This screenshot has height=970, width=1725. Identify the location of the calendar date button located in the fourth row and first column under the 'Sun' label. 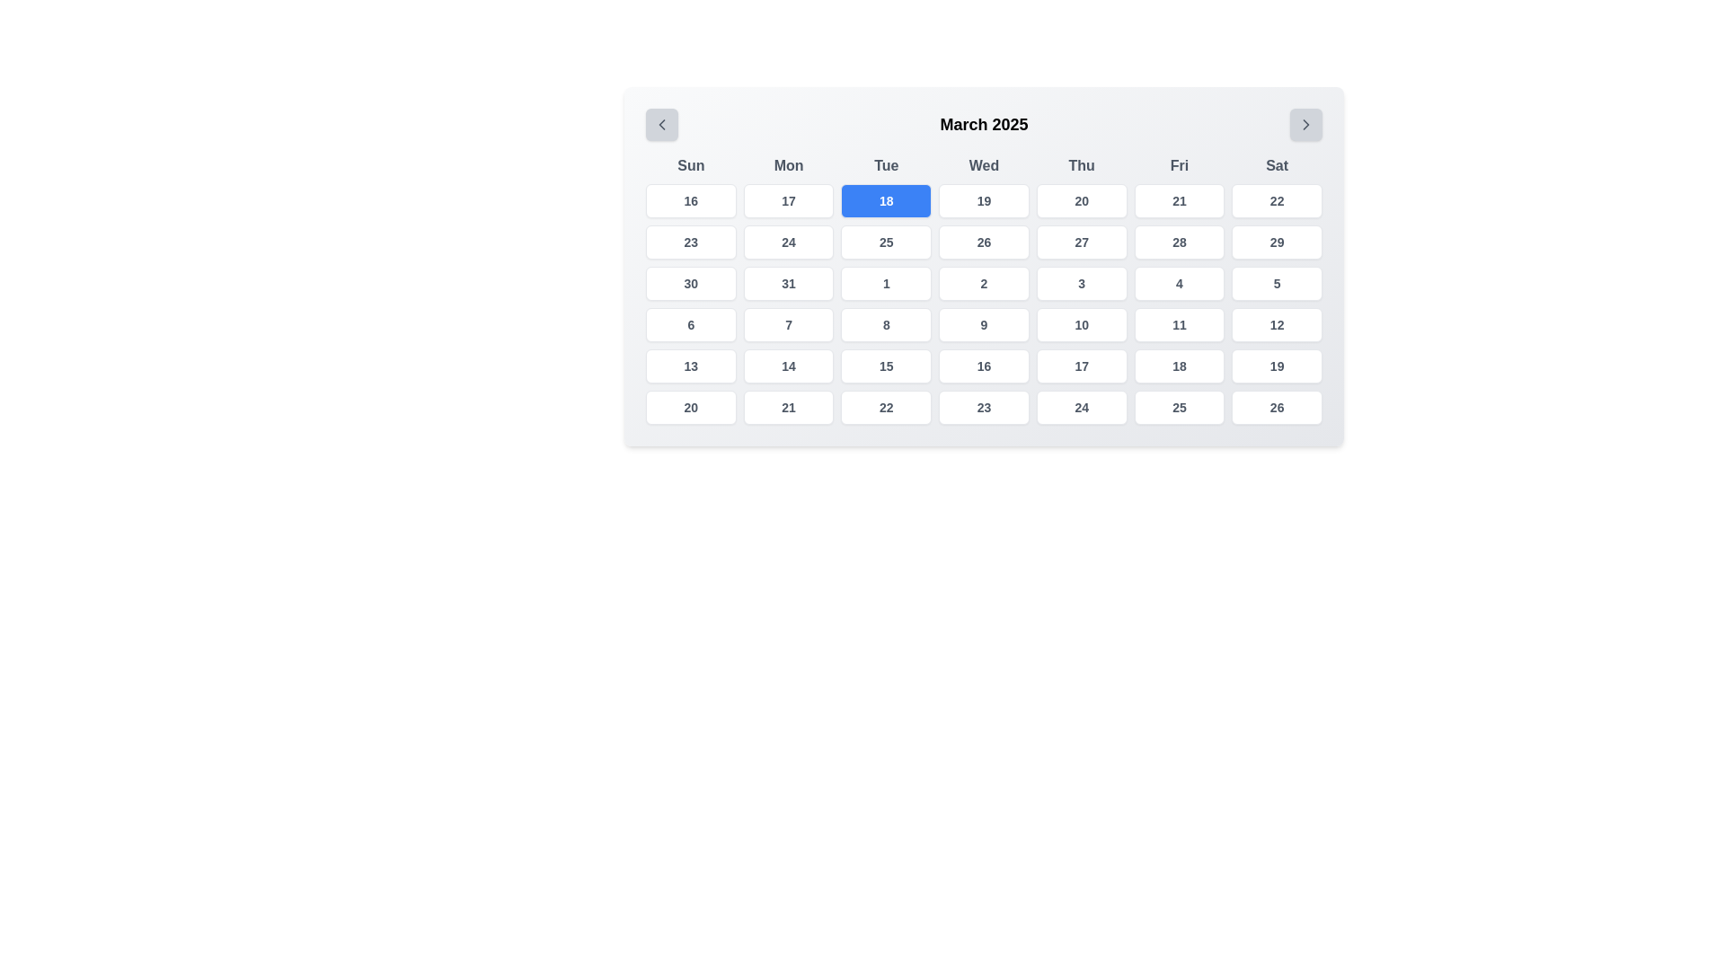
(690, 283).